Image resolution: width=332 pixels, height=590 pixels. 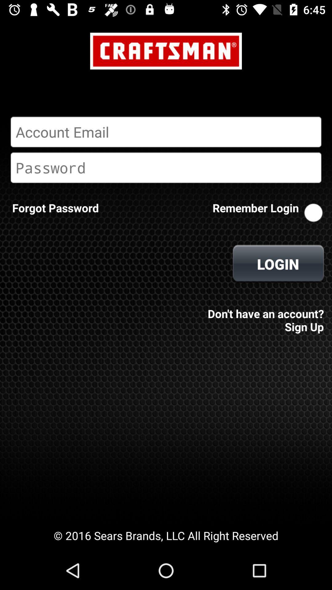 I want to click on type password, so click(x=166, y=167).